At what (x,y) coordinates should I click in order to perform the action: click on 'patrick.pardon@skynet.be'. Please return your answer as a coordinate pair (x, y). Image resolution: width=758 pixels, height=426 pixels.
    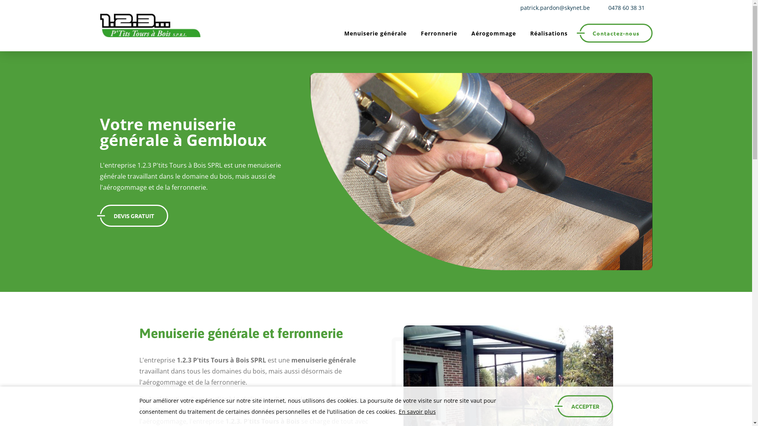
    Looking at the image, I should click on (553, 7).